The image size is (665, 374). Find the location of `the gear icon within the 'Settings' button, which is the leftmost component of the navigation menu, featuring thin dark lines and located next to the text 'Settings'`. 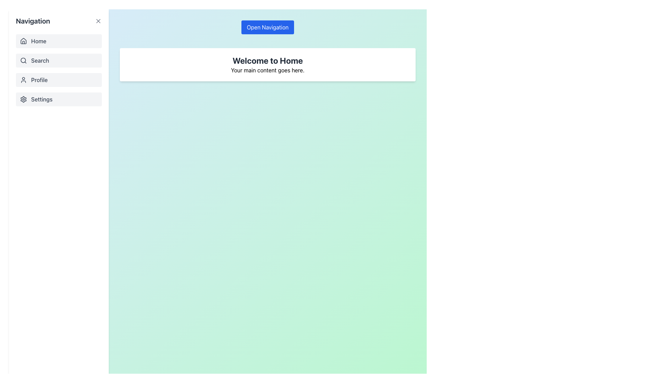

the gear icon within the 'Settings' button, which is the leftmost component of the navigation menu, featuring thin dark lines and located next to the text 'Settings' is located at coordinates (23, 99).